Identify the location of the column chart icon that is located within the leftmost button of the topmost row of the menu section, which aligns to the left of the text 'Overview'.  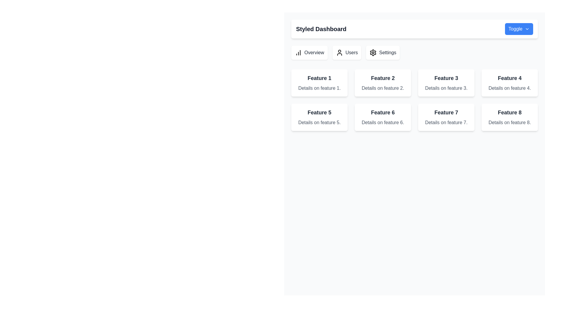
(298, 52).